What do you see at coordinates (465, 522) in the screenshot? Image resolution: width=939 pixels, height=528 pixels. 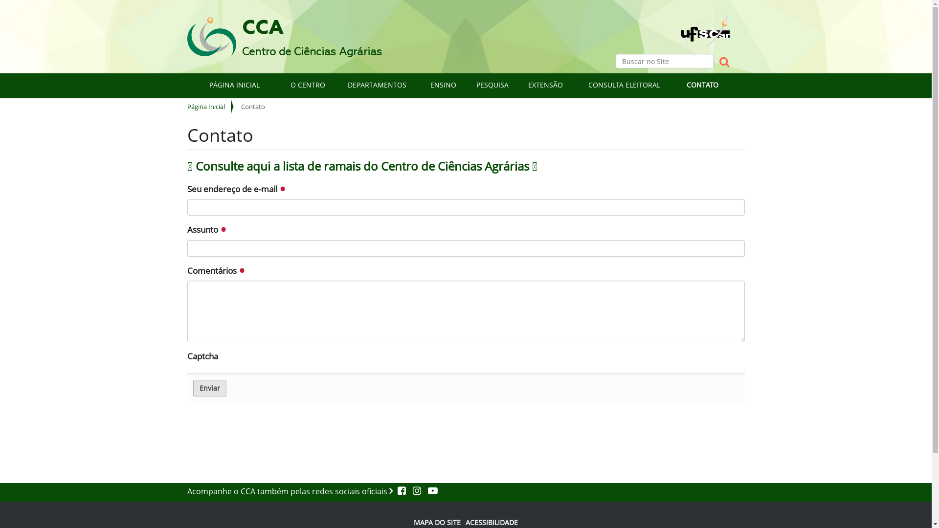 I see `'ACESSIBILIDADE'` at bounding box center [465, 522].